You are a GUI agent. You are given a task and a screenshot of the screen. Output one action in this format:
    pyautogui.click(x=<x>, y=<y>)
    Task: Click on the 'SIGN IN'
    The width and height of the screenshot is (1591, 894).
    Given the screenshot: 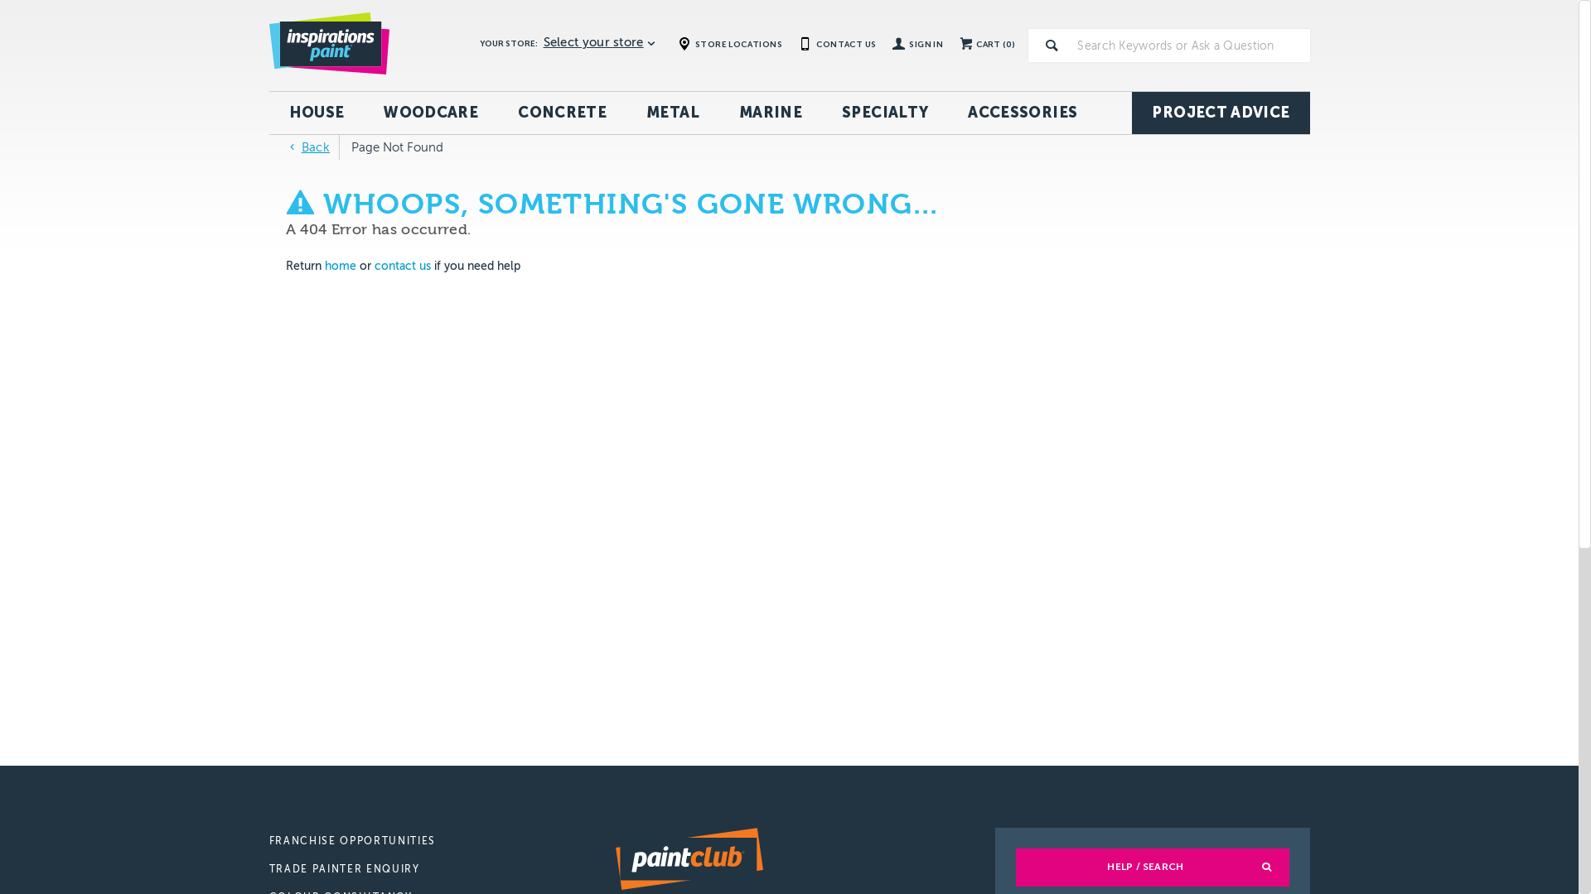 What is the action you would take?
    pyautogui.click(x=883, y=45)
    